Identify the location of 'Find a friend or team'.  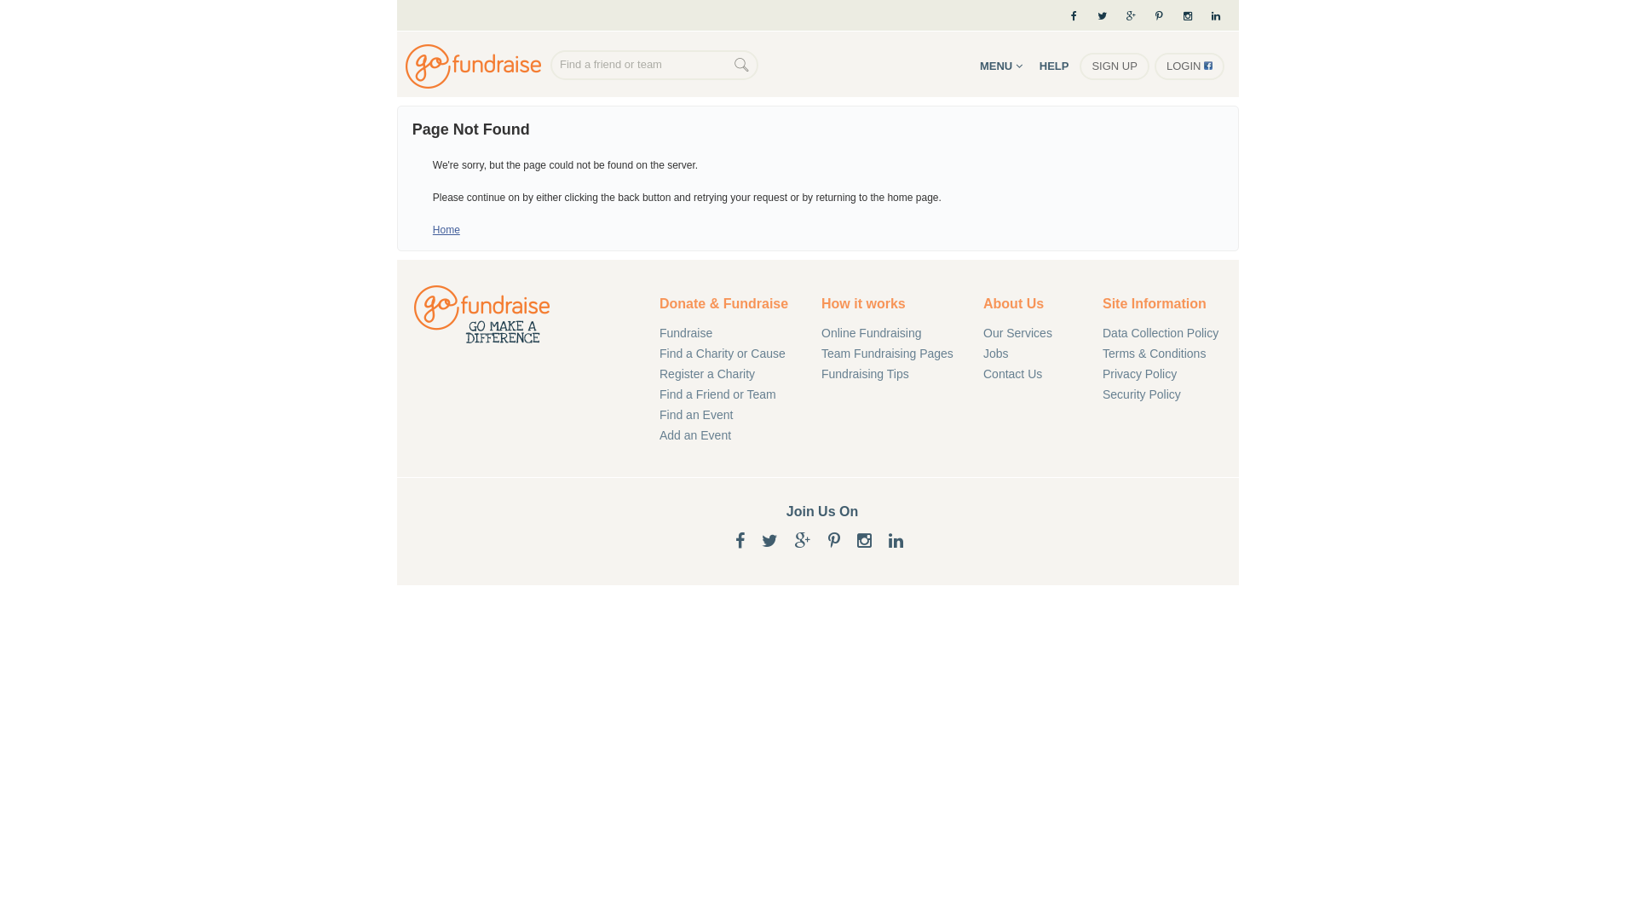
(642, 63).